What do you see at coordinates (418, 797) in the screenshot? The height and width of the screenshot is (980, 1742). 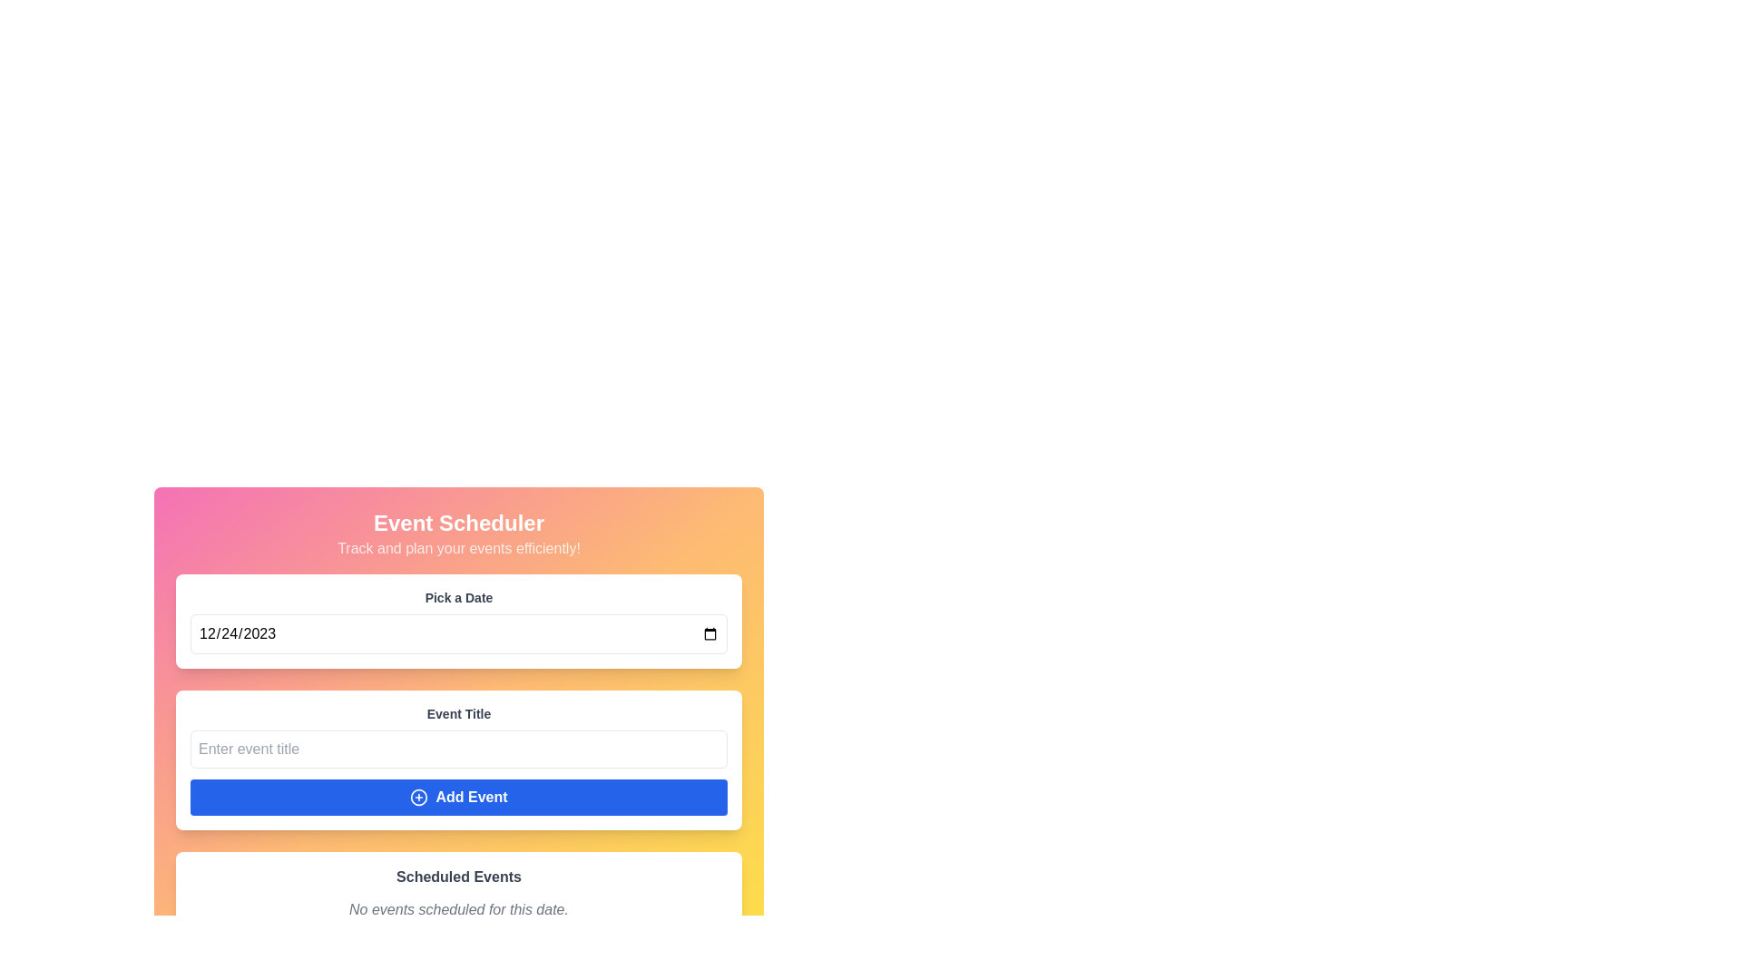 I see `the decorative circle within the 'Add Event' button, which enhances the visual appeal and is aligned with the '+' symbol` at bounding box center [418, 797].